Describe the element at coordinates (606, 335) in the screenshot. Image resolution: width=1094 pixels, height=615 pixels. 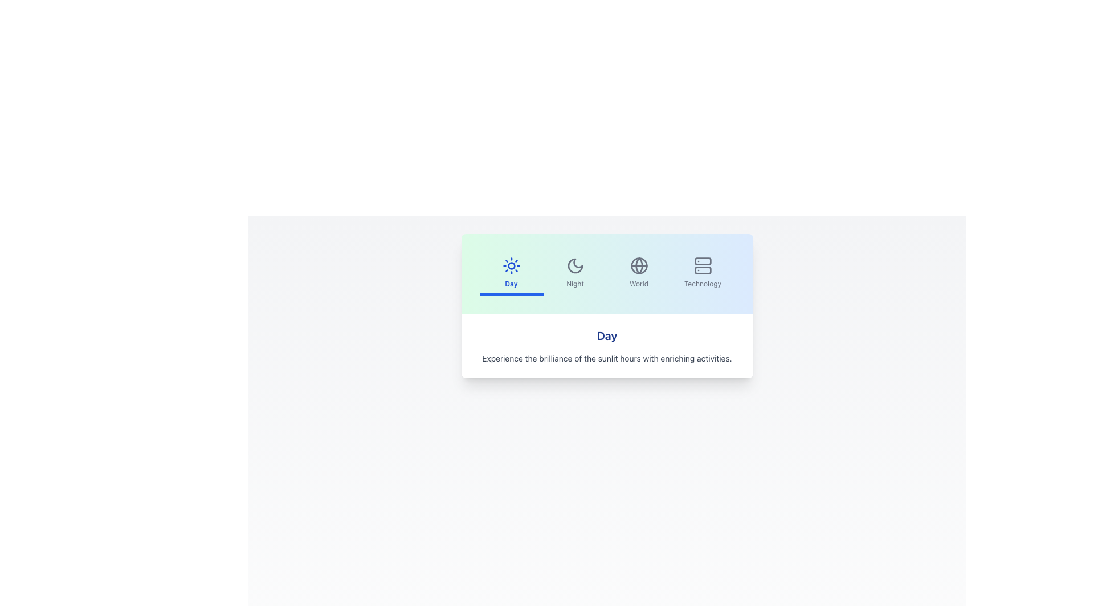
I see `the style of the heading text located at the top center of the white box with rounded corners, which indicates the category of the content below` at that location.